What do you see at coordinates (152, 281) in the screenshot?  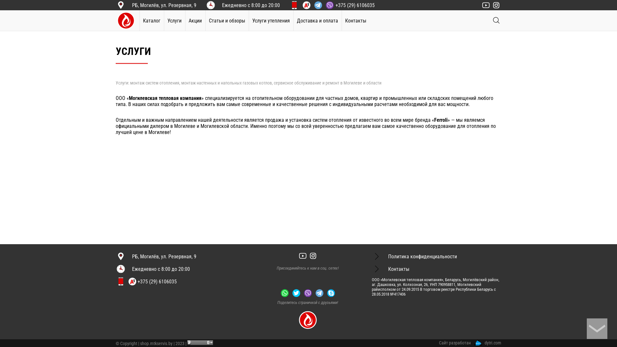 I see `'+375 (29) 6106035'` at bounding box center [152, 281].